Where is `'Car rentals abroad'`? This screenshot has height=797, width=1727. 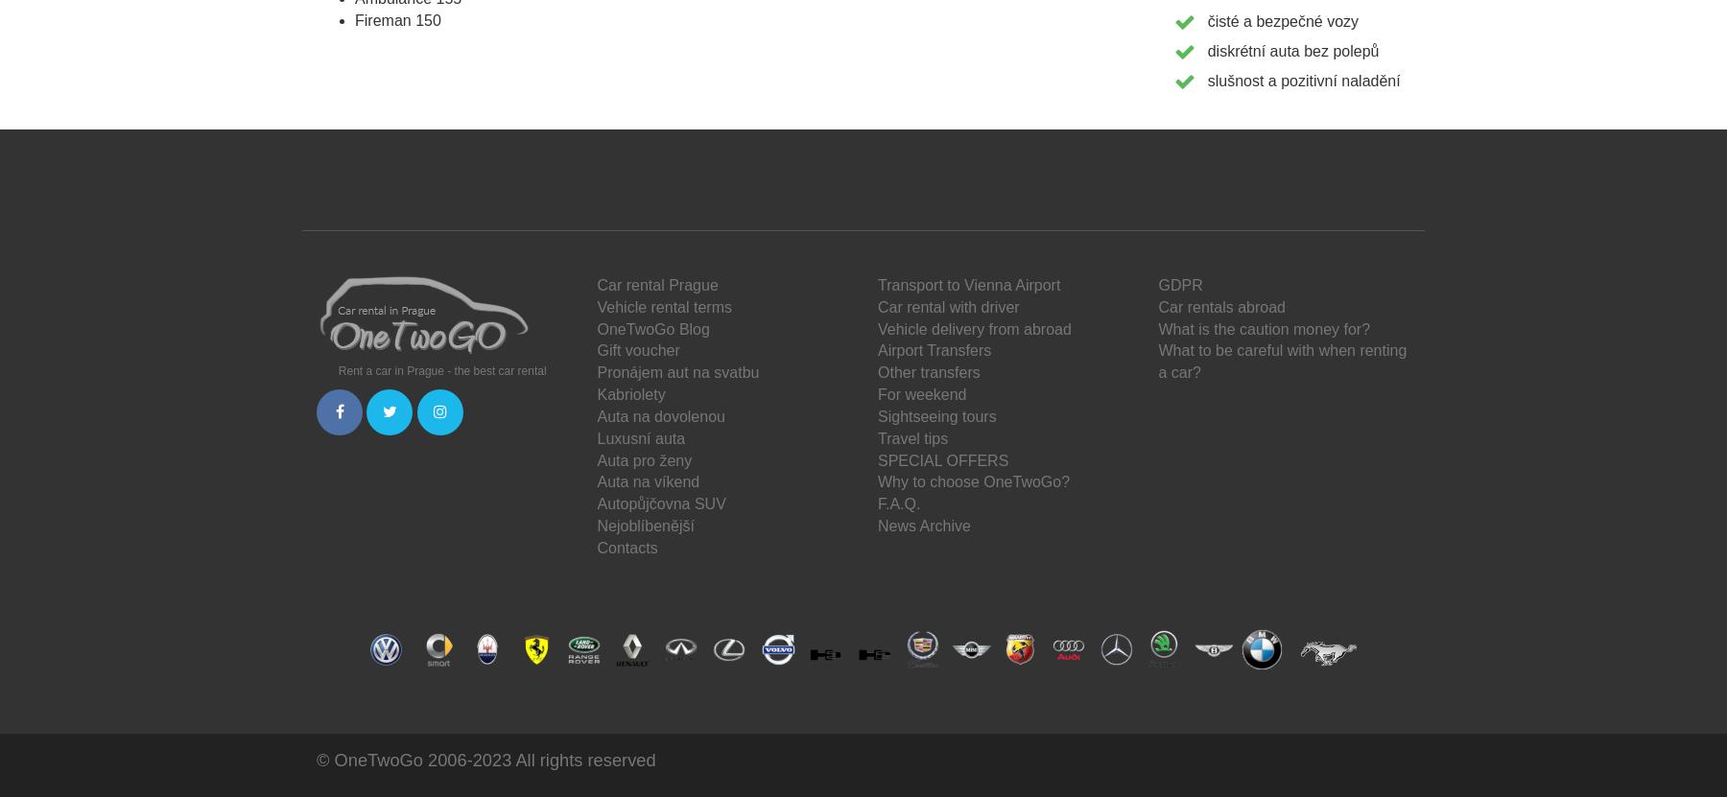 'Car rentals abroad' is located at coordinates (1221, 306).